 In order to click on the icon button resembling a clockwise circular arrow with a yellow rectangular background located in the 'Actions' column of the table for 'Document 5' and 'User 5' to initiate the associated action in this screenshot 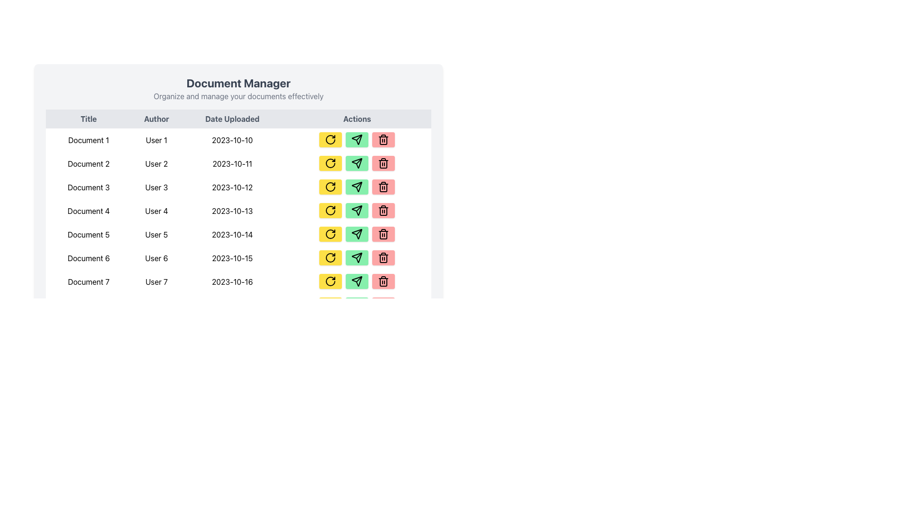, I will do `click(331, 234)`.